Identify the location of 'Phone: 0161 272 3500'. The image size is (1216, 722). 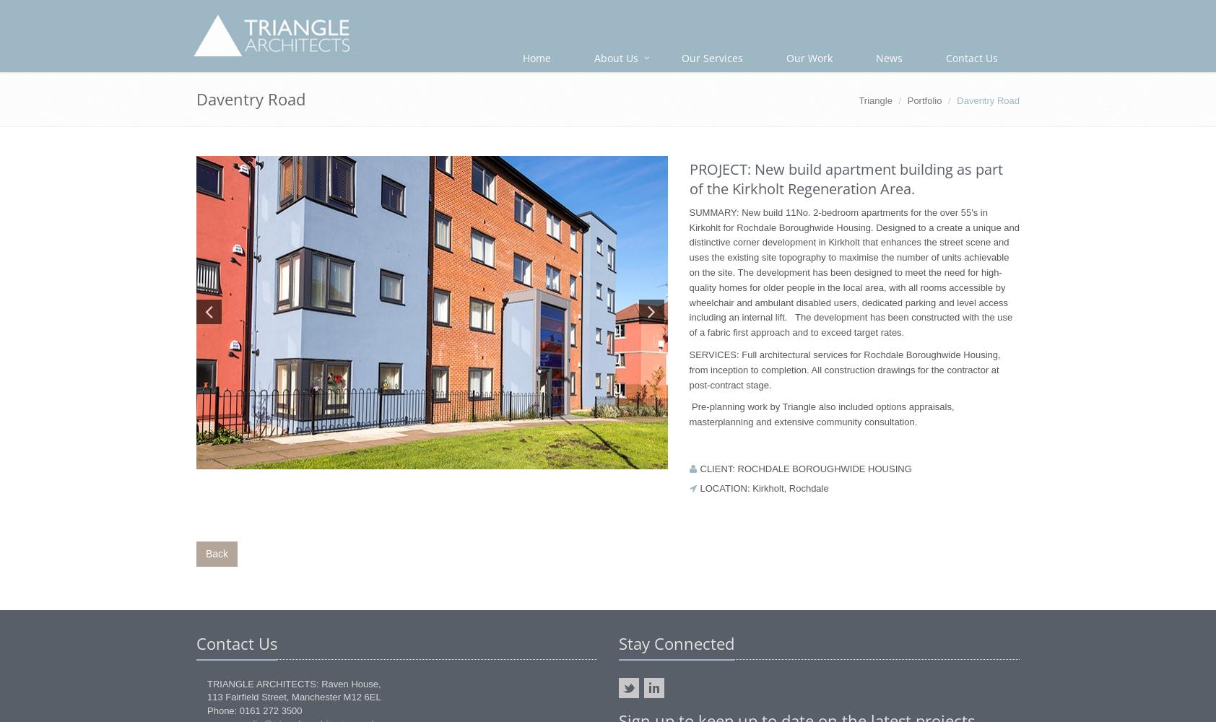
(254, 709).